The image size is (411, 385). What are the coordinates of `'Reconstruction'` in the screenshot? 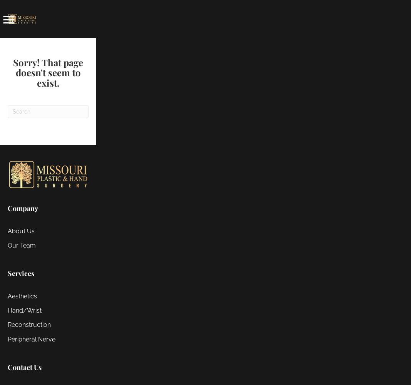 It's located at (29, 324).